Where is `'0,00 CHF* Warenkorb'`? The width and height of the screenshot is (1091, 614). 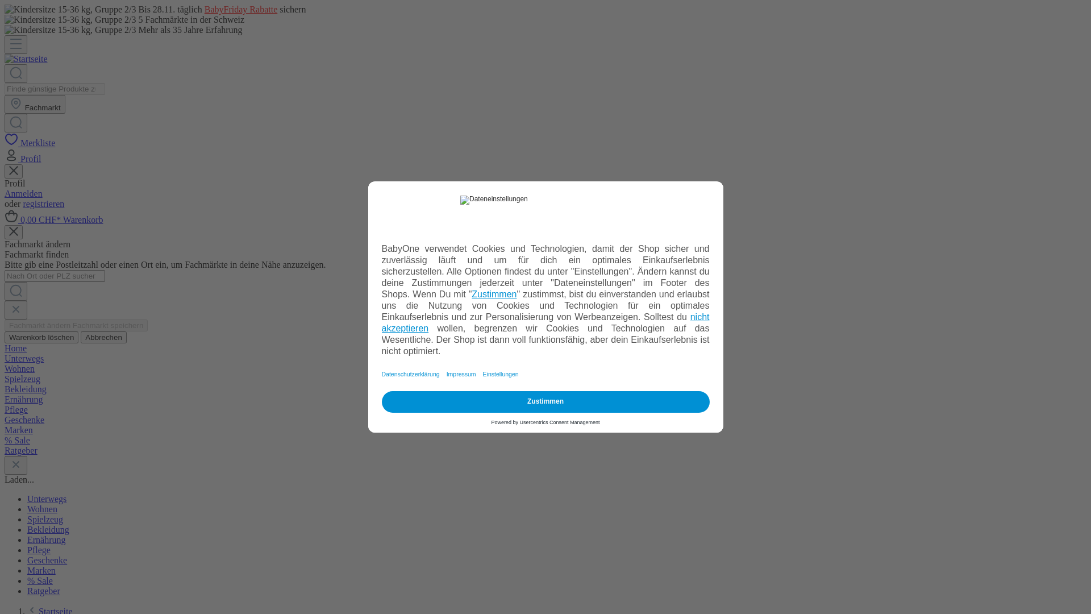 '0,00 CHF* Warenkorb' is located at coordinates (53, 219).